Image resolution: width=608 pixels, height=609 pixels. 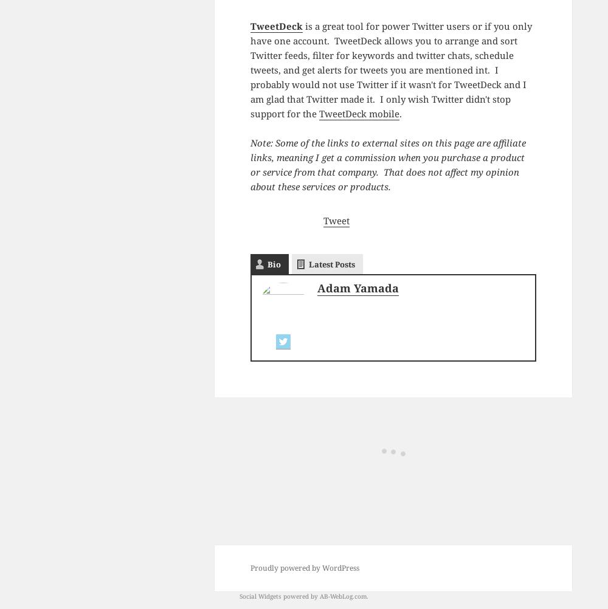 I want to click on 'Latest Posts', so click(x=331, y=263).